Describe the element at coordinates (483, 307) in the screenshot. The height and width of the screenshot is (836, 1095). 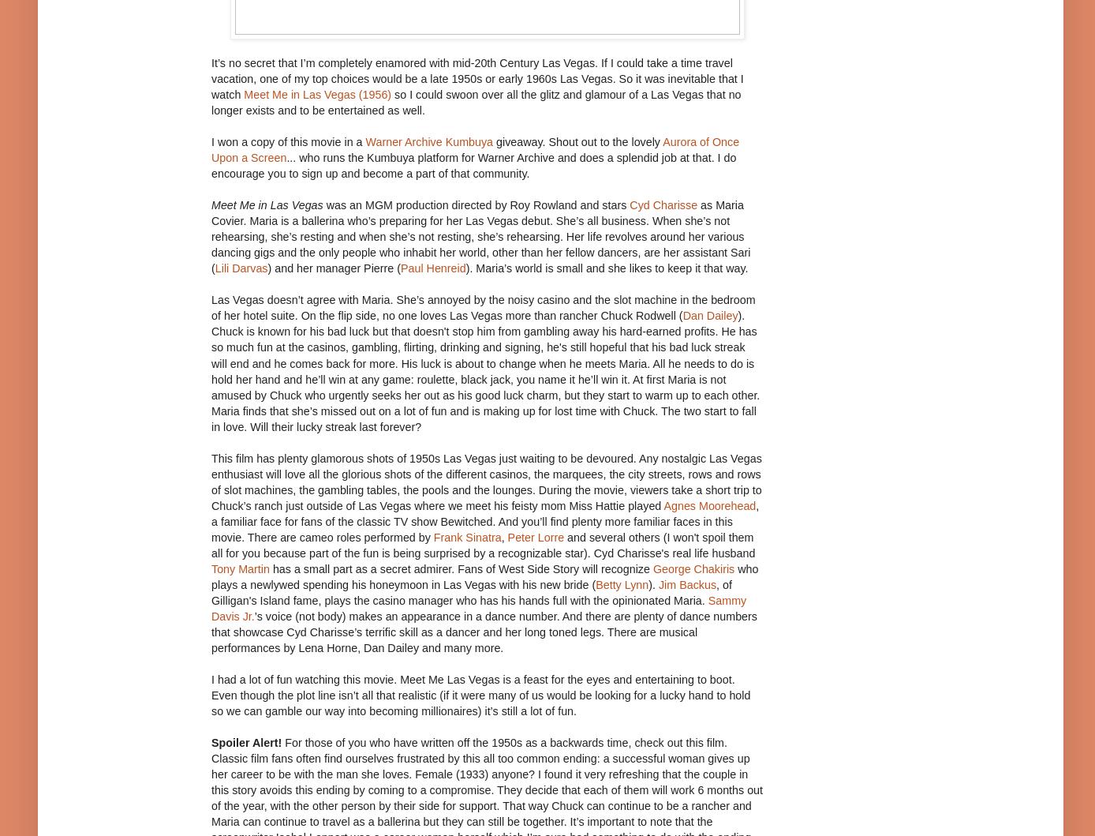
I see `'Las Vegas doesn’t agree with Maria. She’s annoyed by the noisy casino and the slot machine in the bedroom of her hotel suite. On the flip side, no one loves Las Vegas more than rancher Chuck Rodwell ('` at that location.